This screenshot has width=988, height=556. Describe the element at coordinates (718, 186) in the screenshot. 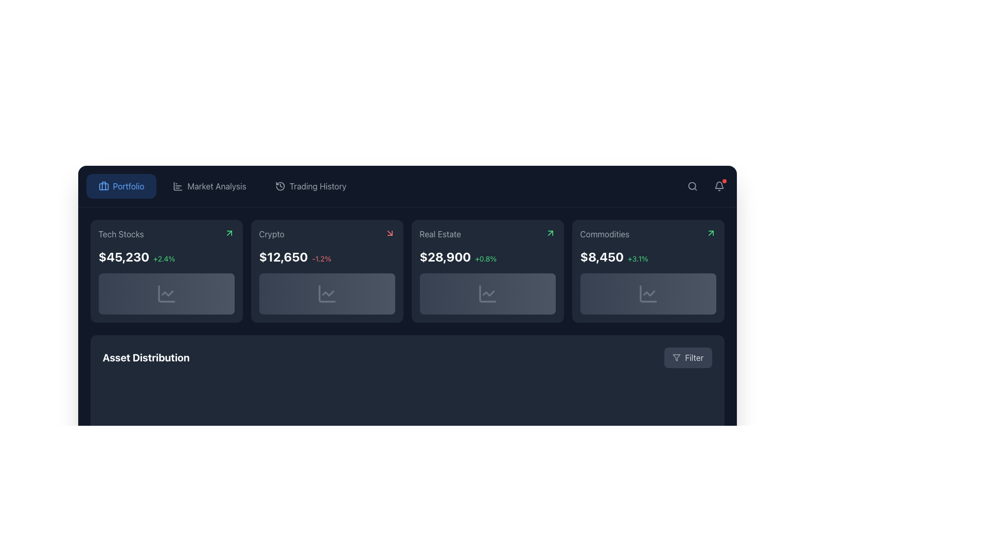

I see `the notifications icon located in the rightmost section of the top navigation bar` at that location.